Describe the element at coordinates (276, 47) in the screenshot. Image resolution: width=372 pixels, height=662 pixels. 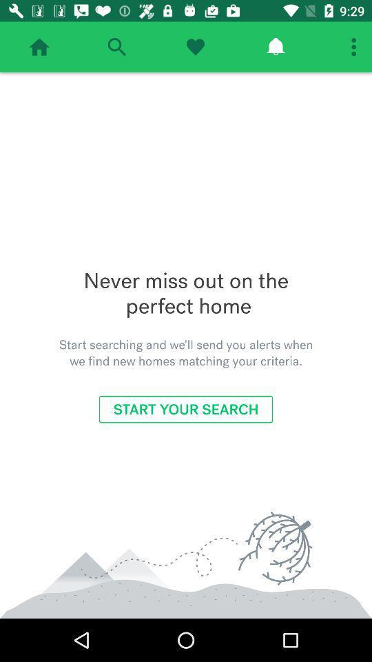
I see `check alerts/notifications` at that location.